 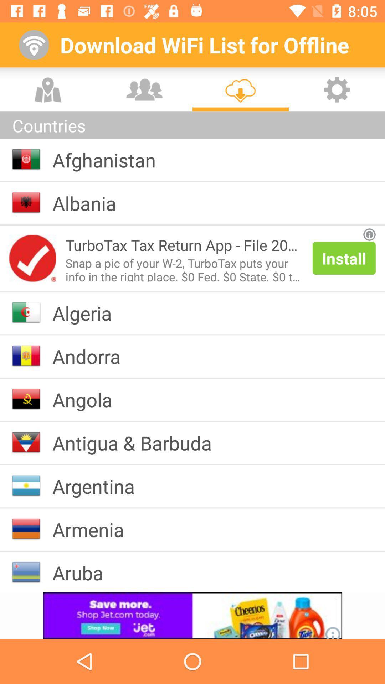 I want to click on open advertisement, so click(x=32, y=258).